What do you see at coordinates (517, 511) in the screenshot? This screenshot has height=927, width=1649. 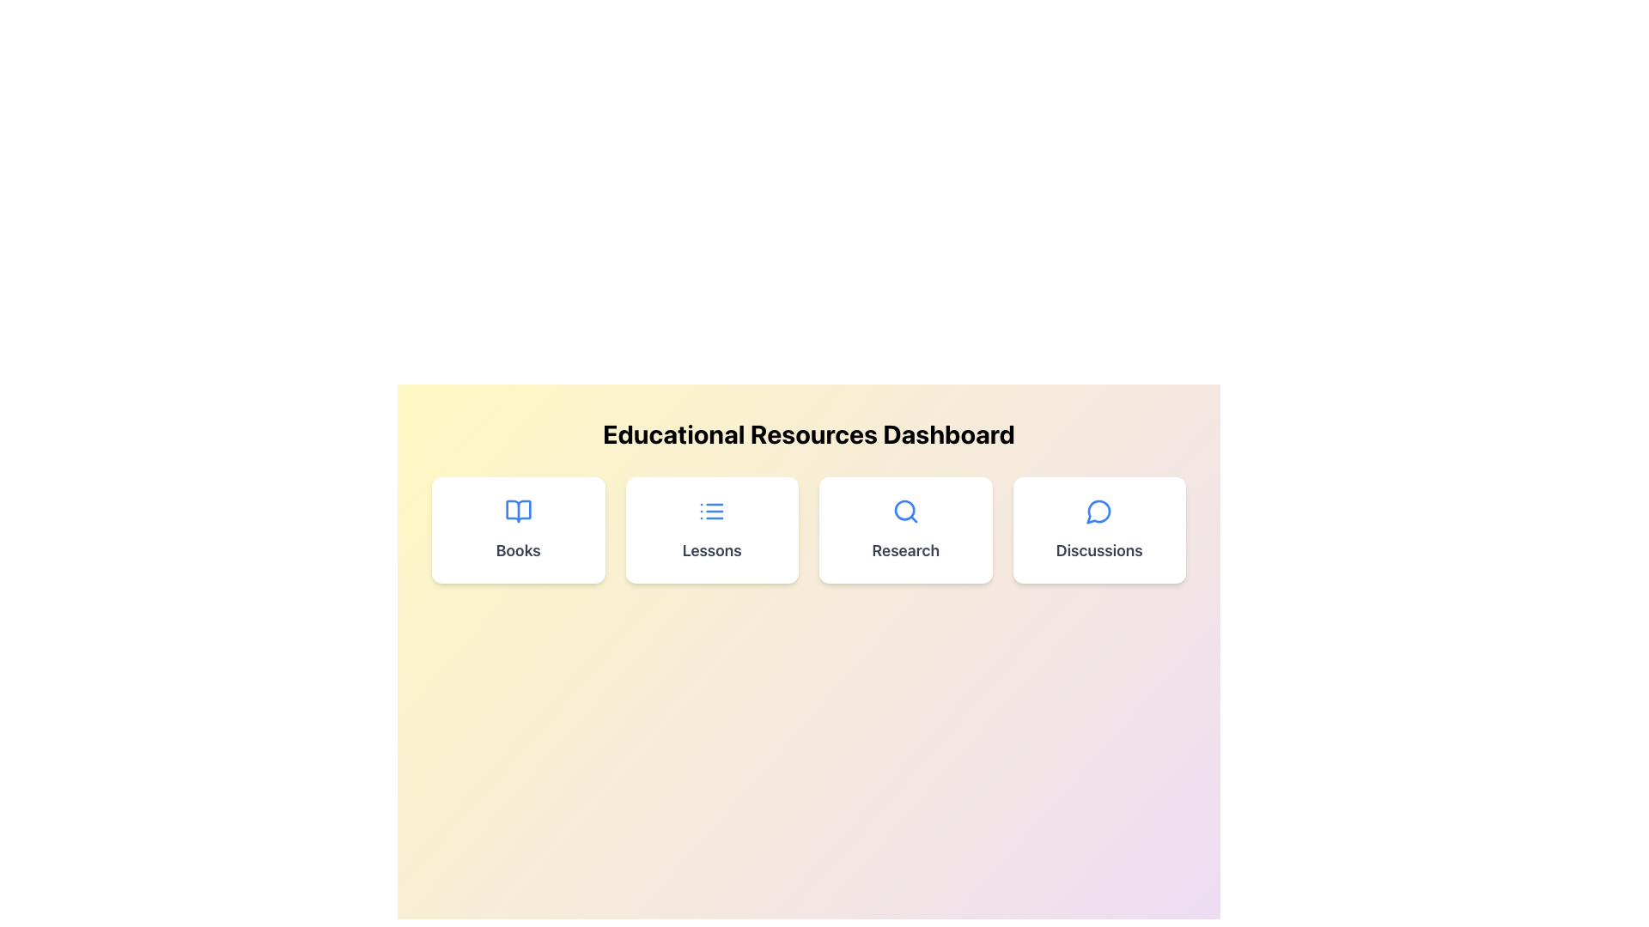 I see `the open book icon, which has a blue outline and is positioned above the label 'Books'` at bounding box center [517, 511].